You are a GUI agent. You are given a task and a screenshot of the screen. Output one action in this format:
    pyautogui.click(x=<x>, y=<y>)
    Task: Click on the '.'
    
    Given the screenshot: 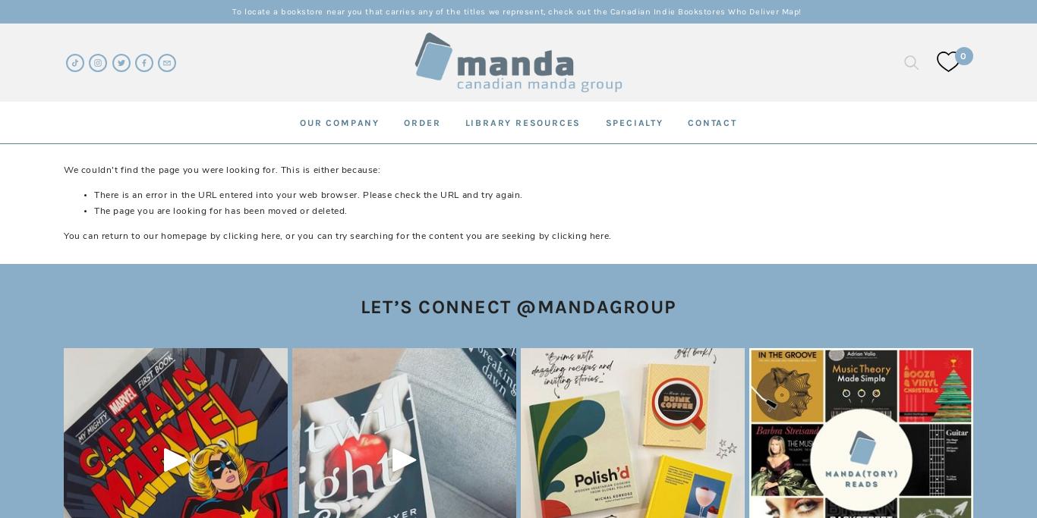 What is the action you would take?
    pyautogui.click(x=609, y=235)
    